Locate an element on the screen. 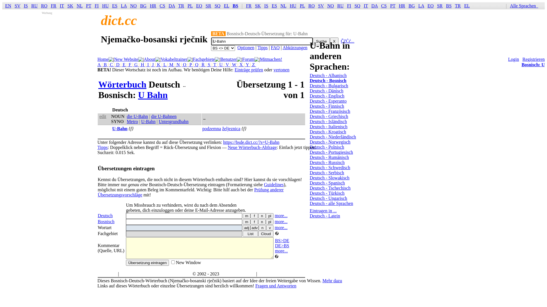 Image resolution: width=547 pixels, height=307 pixels. 'Deutsch - Slowakisch' is located at coordinates (309, 177).